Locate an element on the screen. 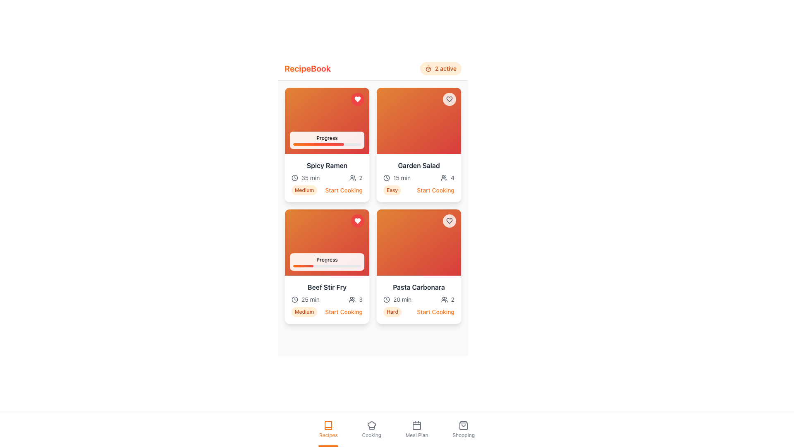 The height and width of the screenshot is (447, 794). the circular outline shape that represents a clock or time-related icon, located in the upper-right section of the interface near the '2 active' indicator is located at coordinates (386, 177).